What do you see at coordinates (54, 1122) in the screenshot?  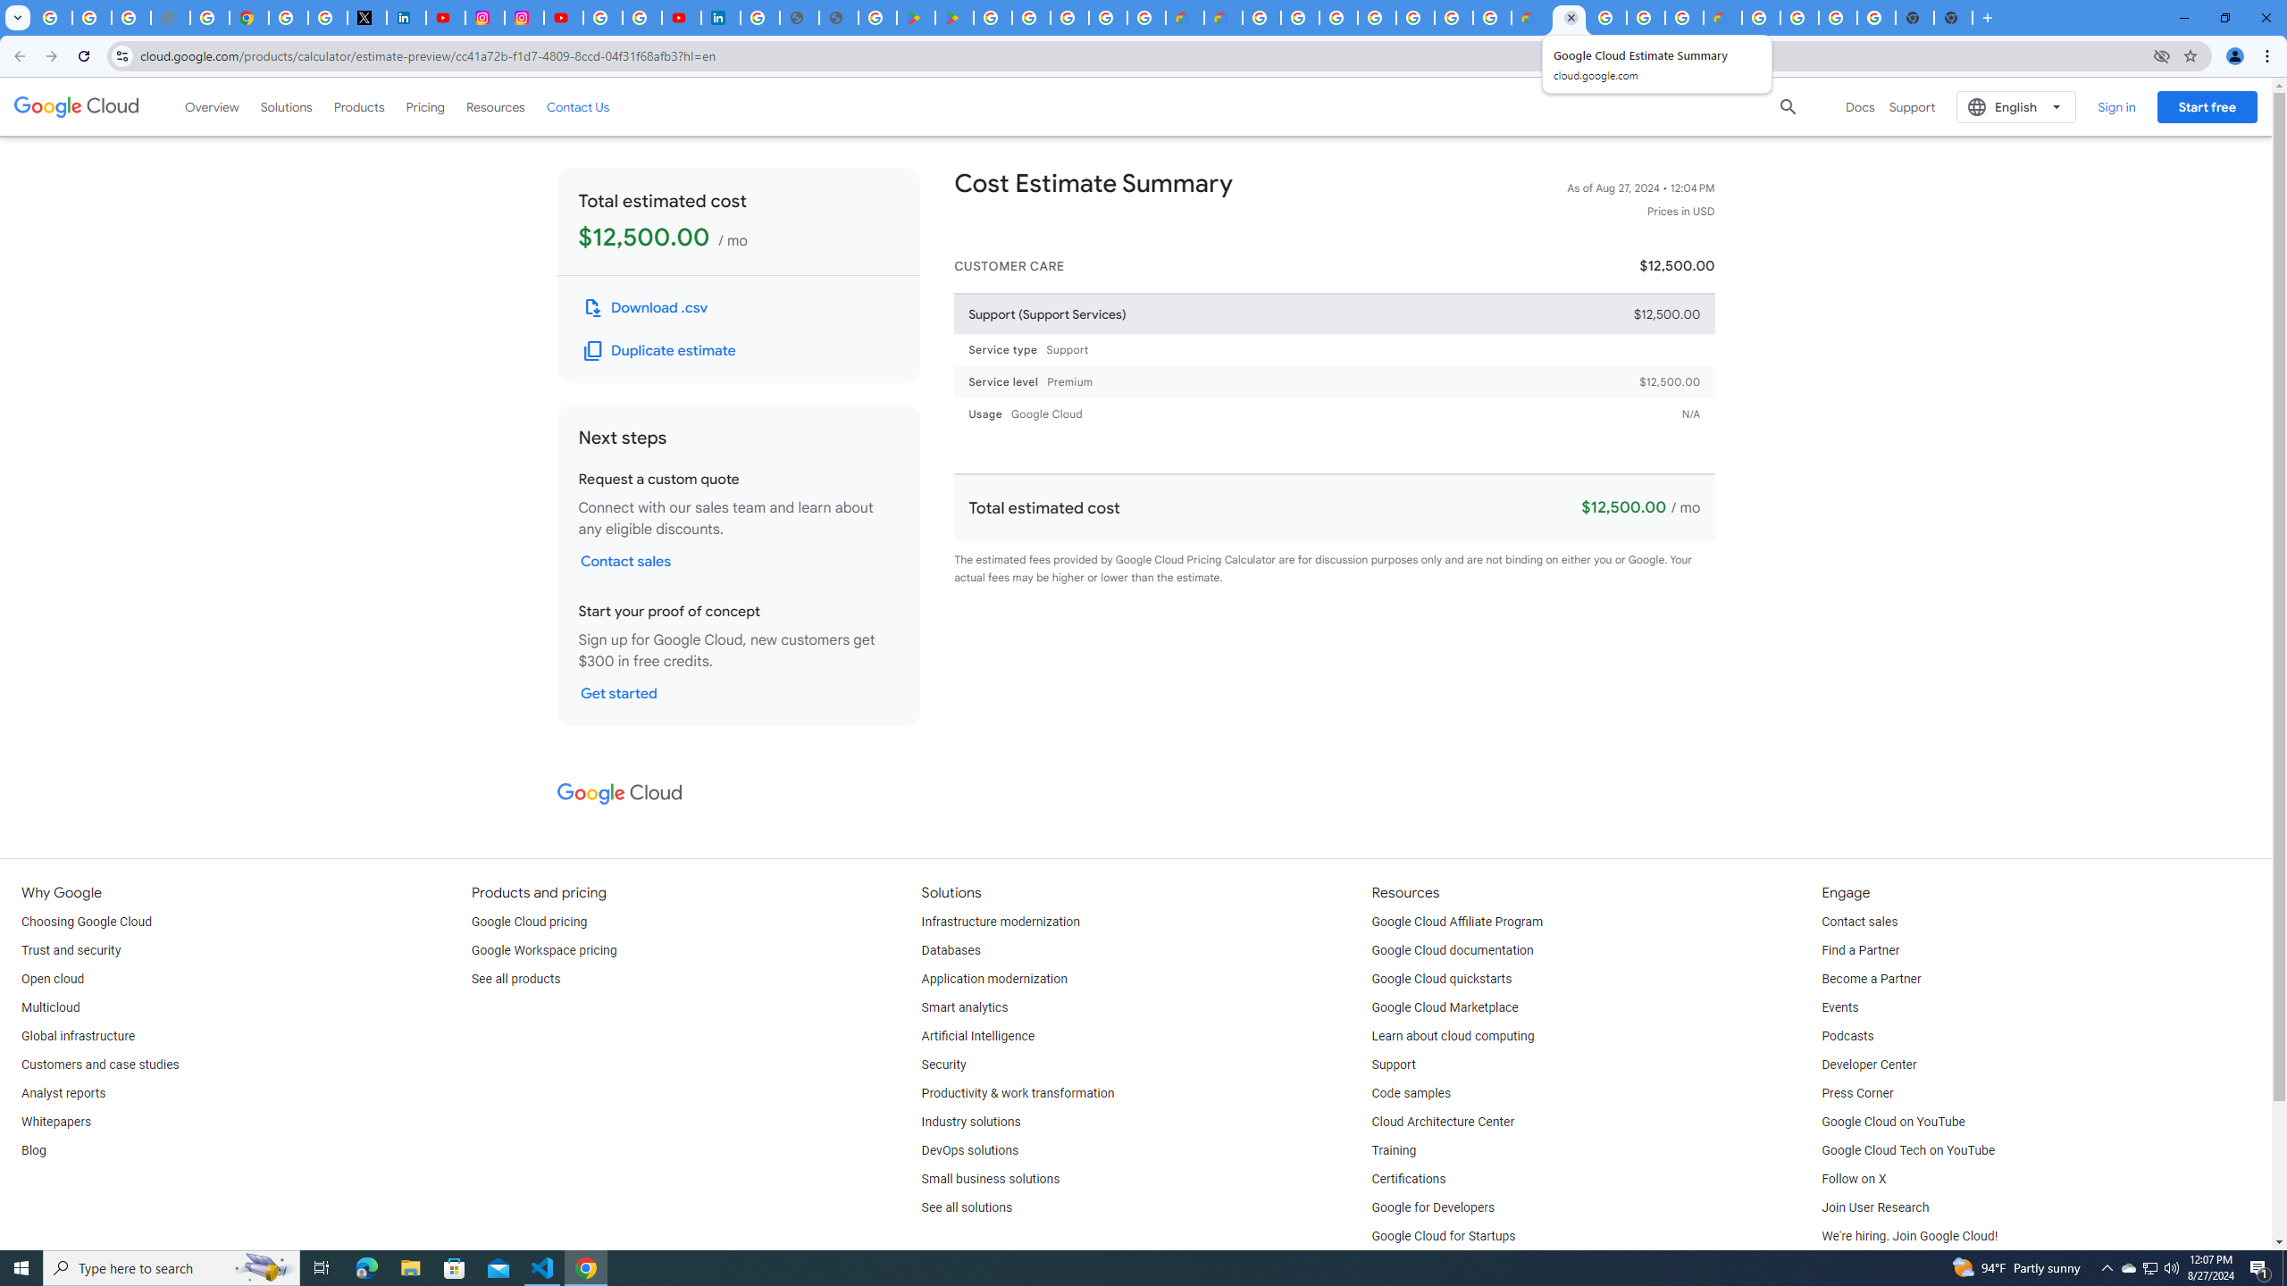 I see `'Whitepapers'` at bounding box center [54, 1122].